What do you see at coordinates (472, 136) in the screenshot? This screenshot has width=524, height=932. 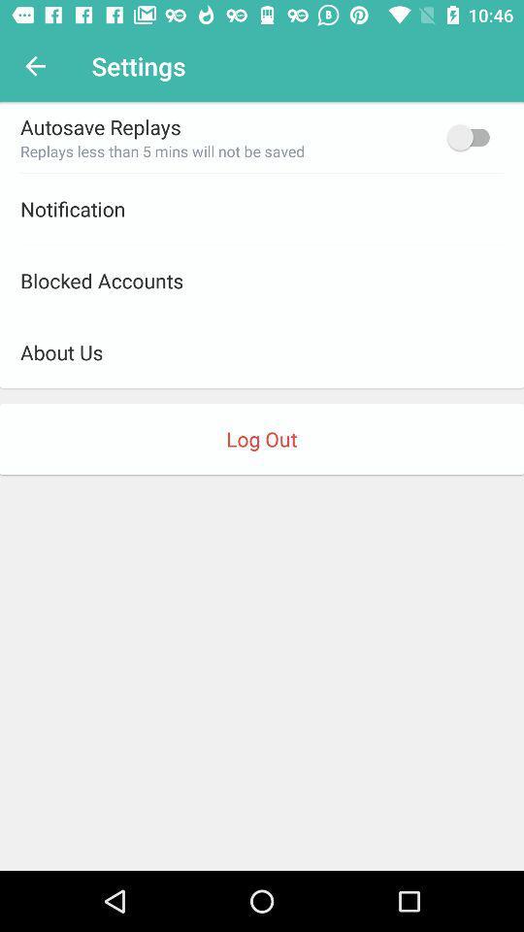 I see `item at the top right corner` at bounding box center [472, 136].